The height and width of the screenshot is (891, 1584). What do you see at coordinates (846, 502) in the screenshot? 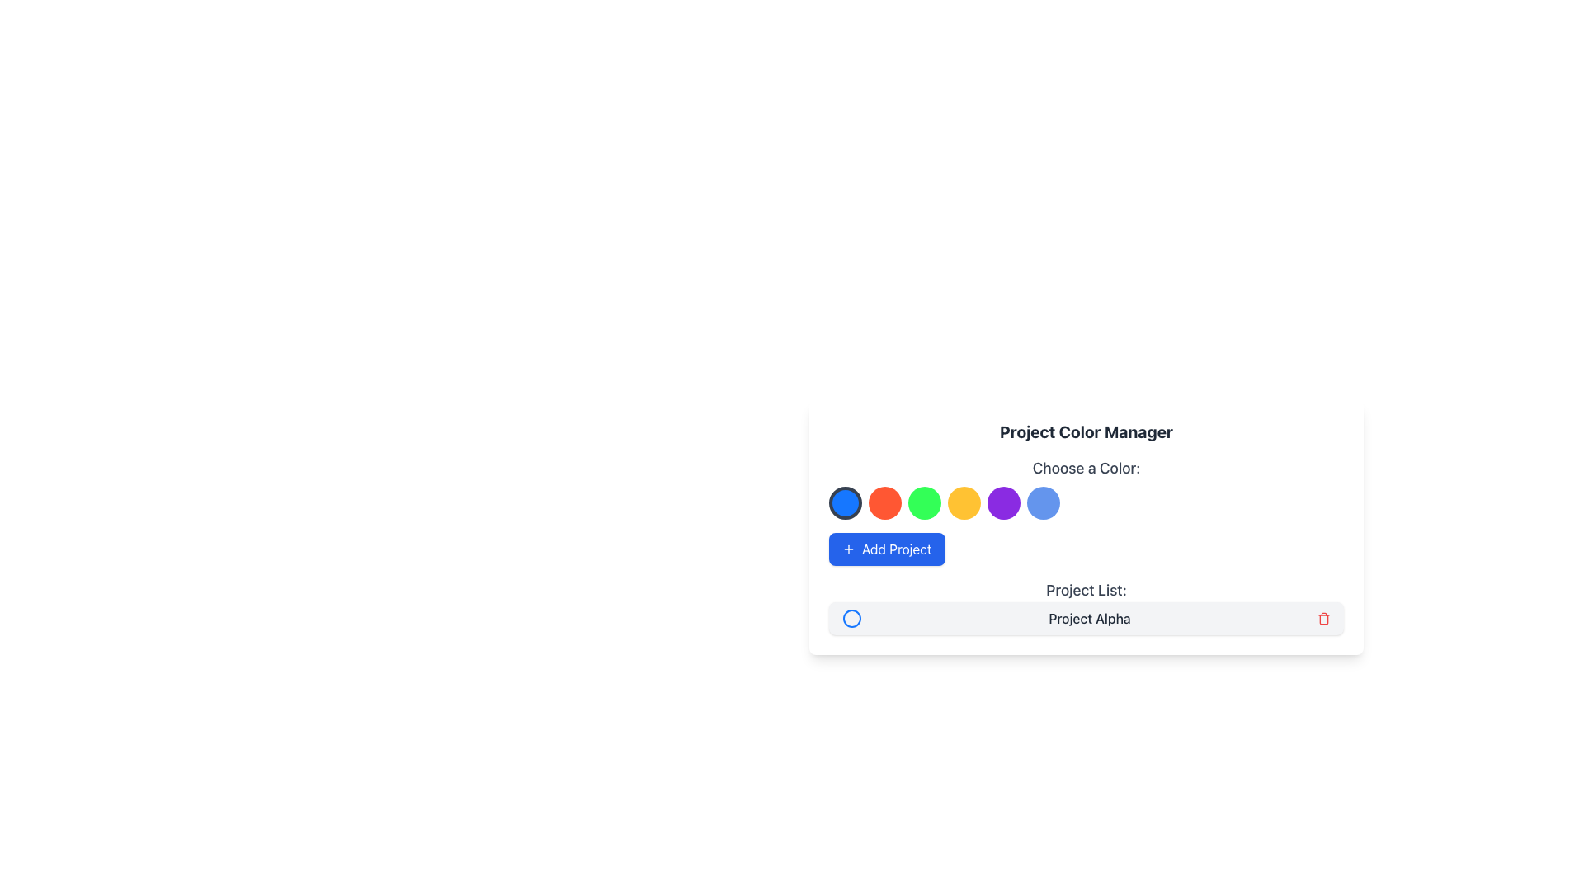
I see `the first circular button in the 'Choose a Color' section` at bounding box center [846, 502].